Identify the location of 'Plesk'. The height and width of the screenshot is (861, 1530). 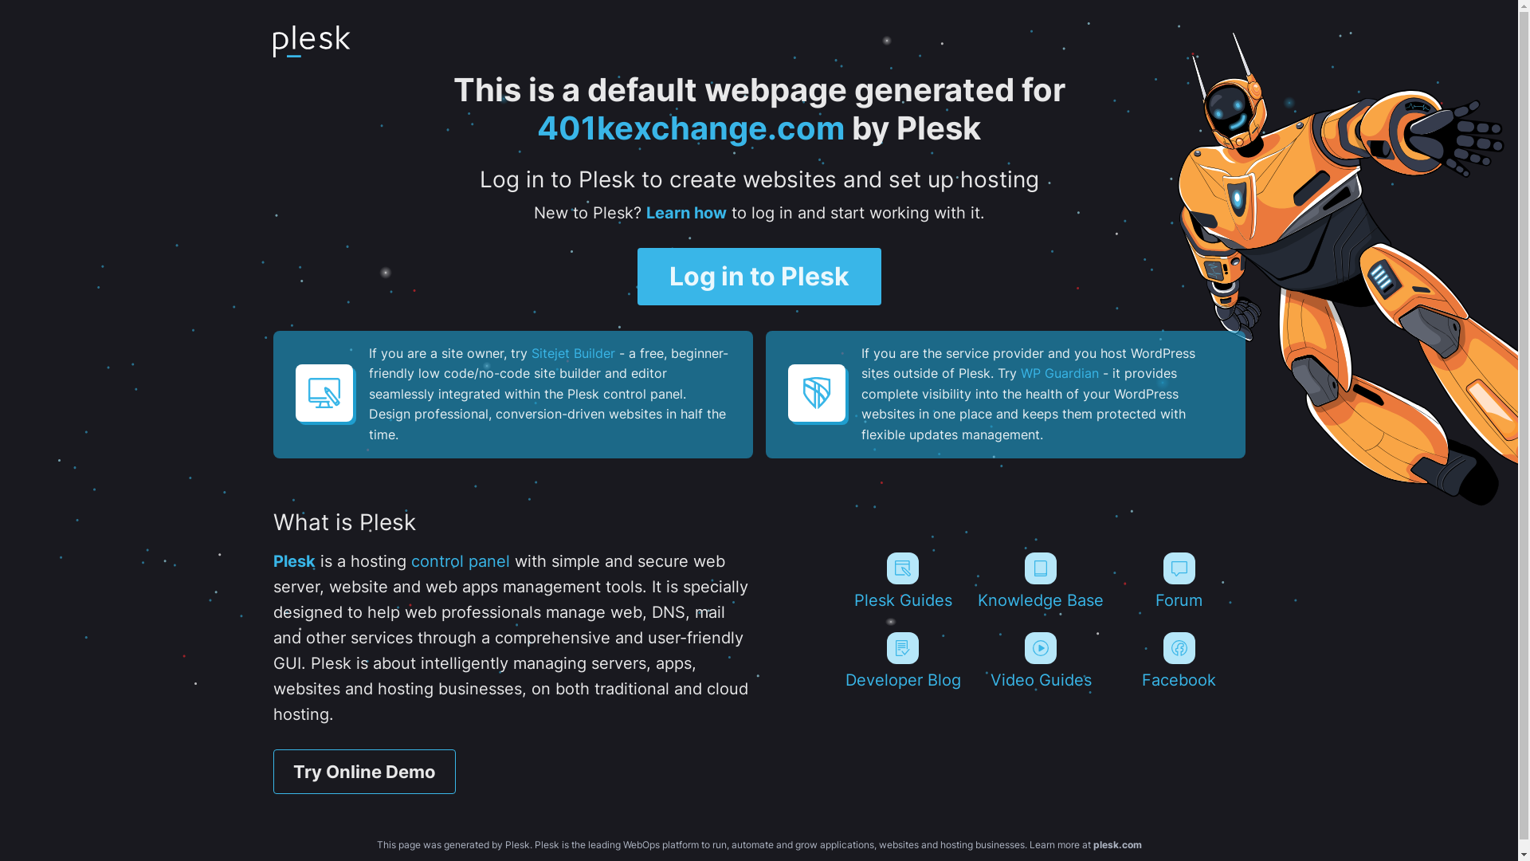
(293, 560).